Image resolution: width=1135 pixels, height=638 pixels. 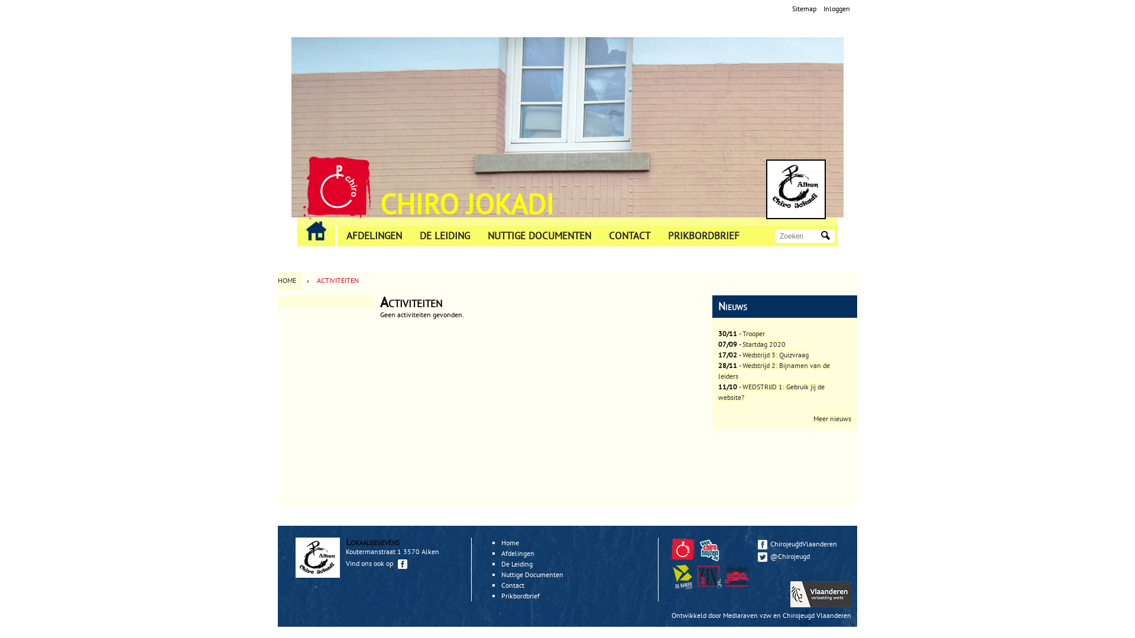 I want to click on 'Afdelingen', so click(x=517, y=553).